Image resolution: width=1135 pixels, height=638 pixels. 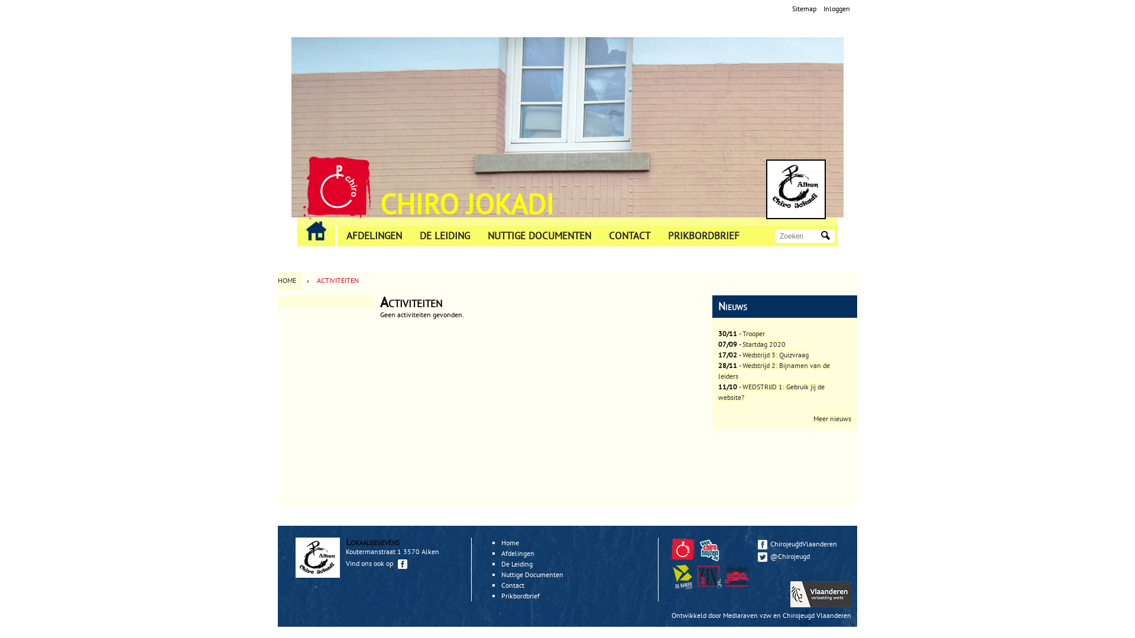 I want to click on 'Afdelingen', so click(x=517, y=553).